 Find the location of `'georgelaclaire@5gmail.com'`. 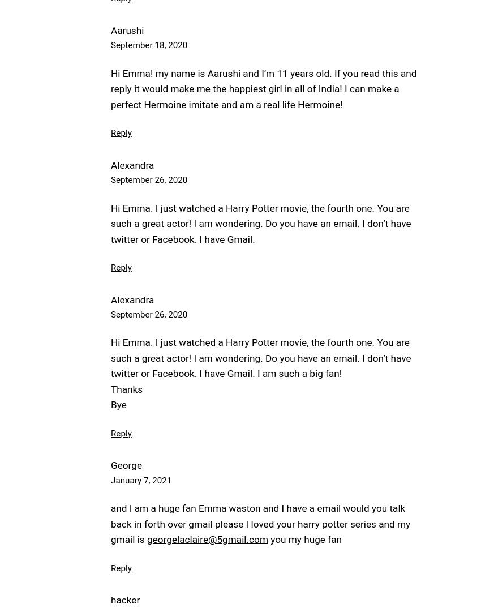

'georgelaclaire@5gmail.com' is located at coordinates (207, 539).